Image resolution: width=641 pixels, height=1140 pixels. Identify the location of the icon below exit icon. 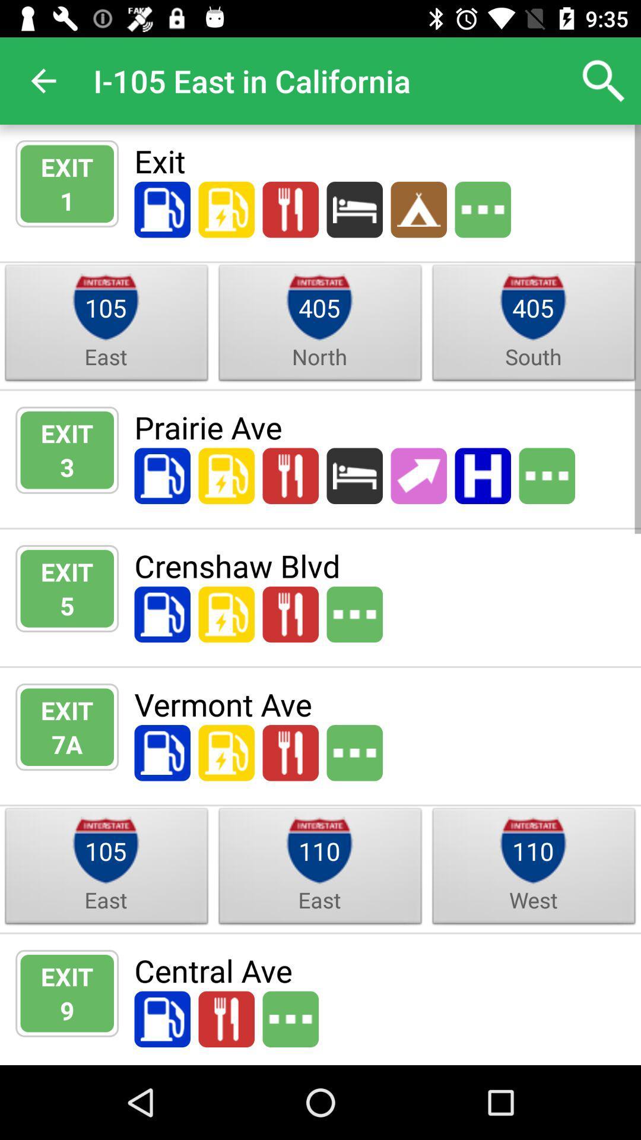
(67, 1009).